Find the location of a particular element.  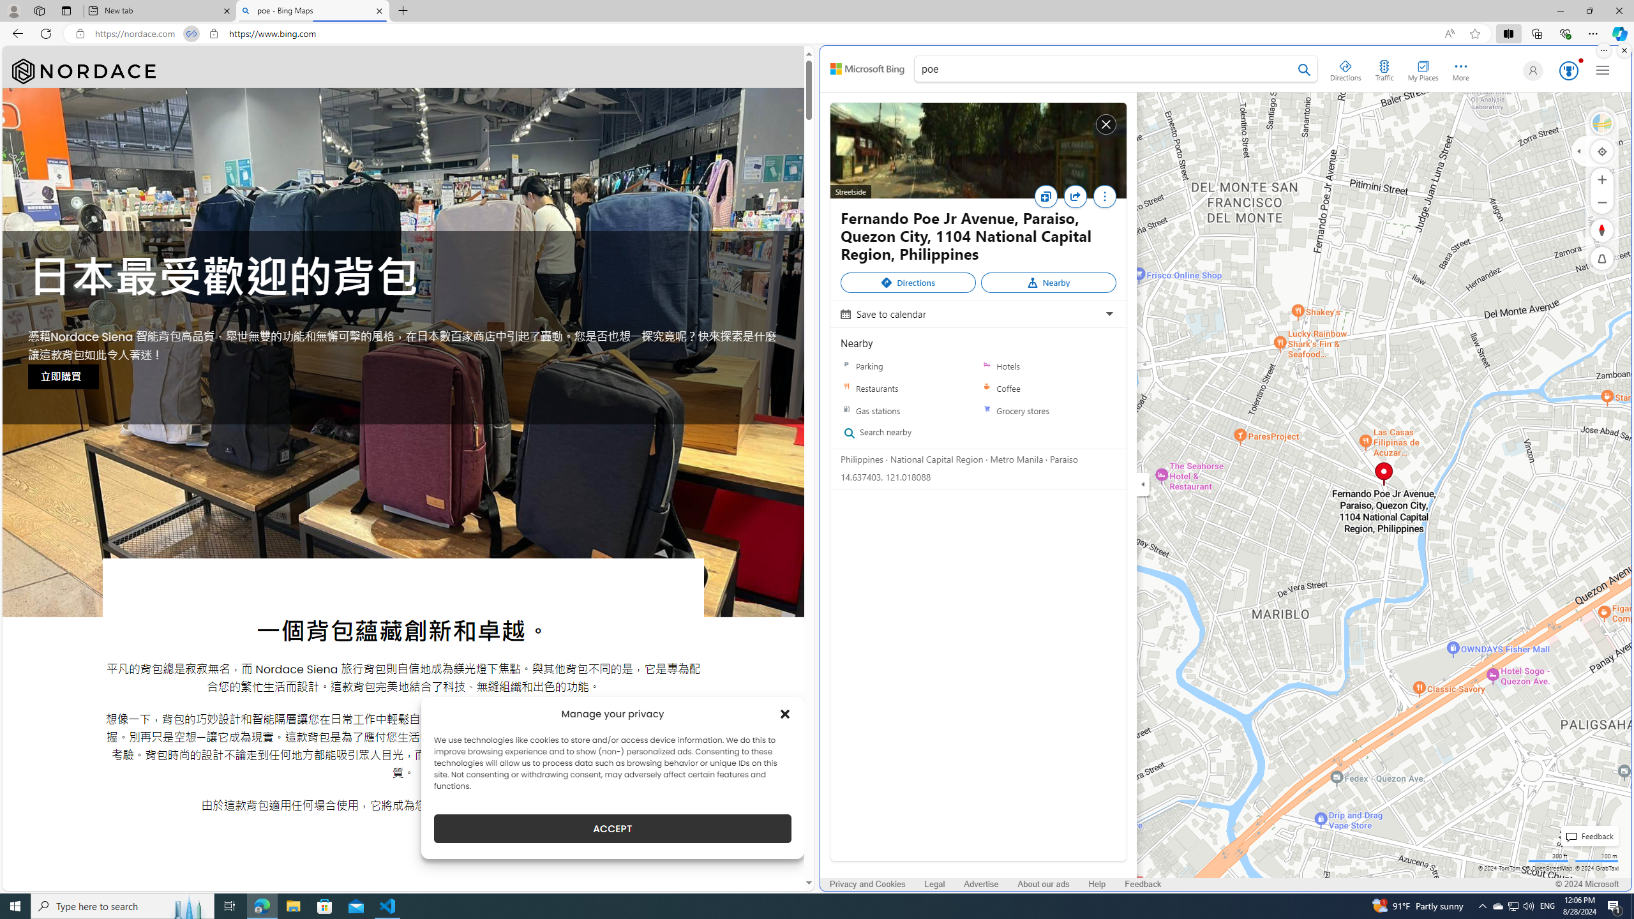

'Reset to Default Rotation' is located at coordinates (1602, 230).